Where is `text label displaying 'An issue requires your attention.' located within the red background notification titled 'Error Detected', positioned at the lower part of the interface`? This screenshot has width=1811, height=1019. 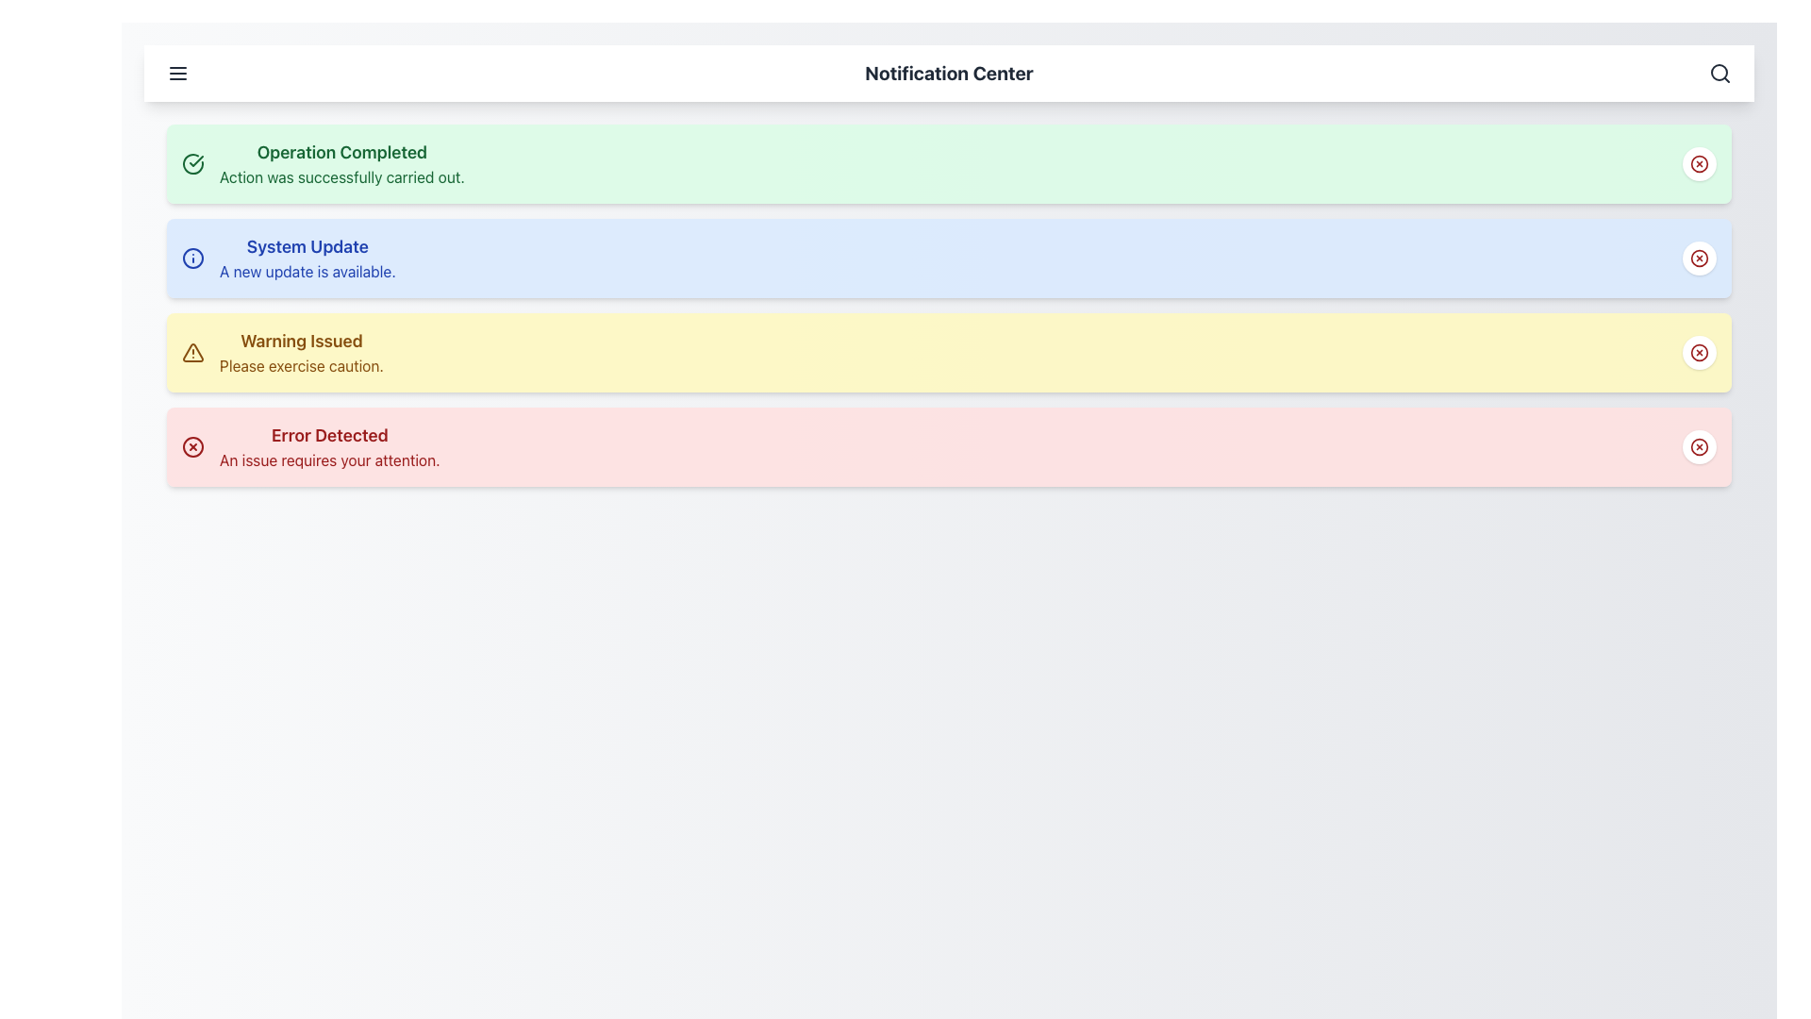 text label displaying 'An issue requires your attention.' located within the red background notification titled 'Error Detected', positioned at the lower part of the interface is located at coordinates (329, 460).